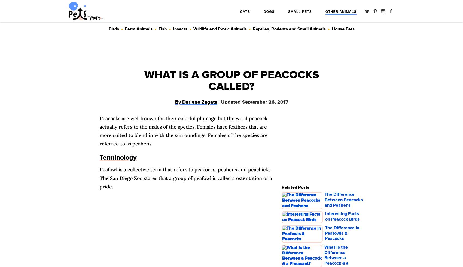 This screenshot has height=267, width=463. I want to click on 'The Difference Between Peacocks and Peahens', so click(343, 199).